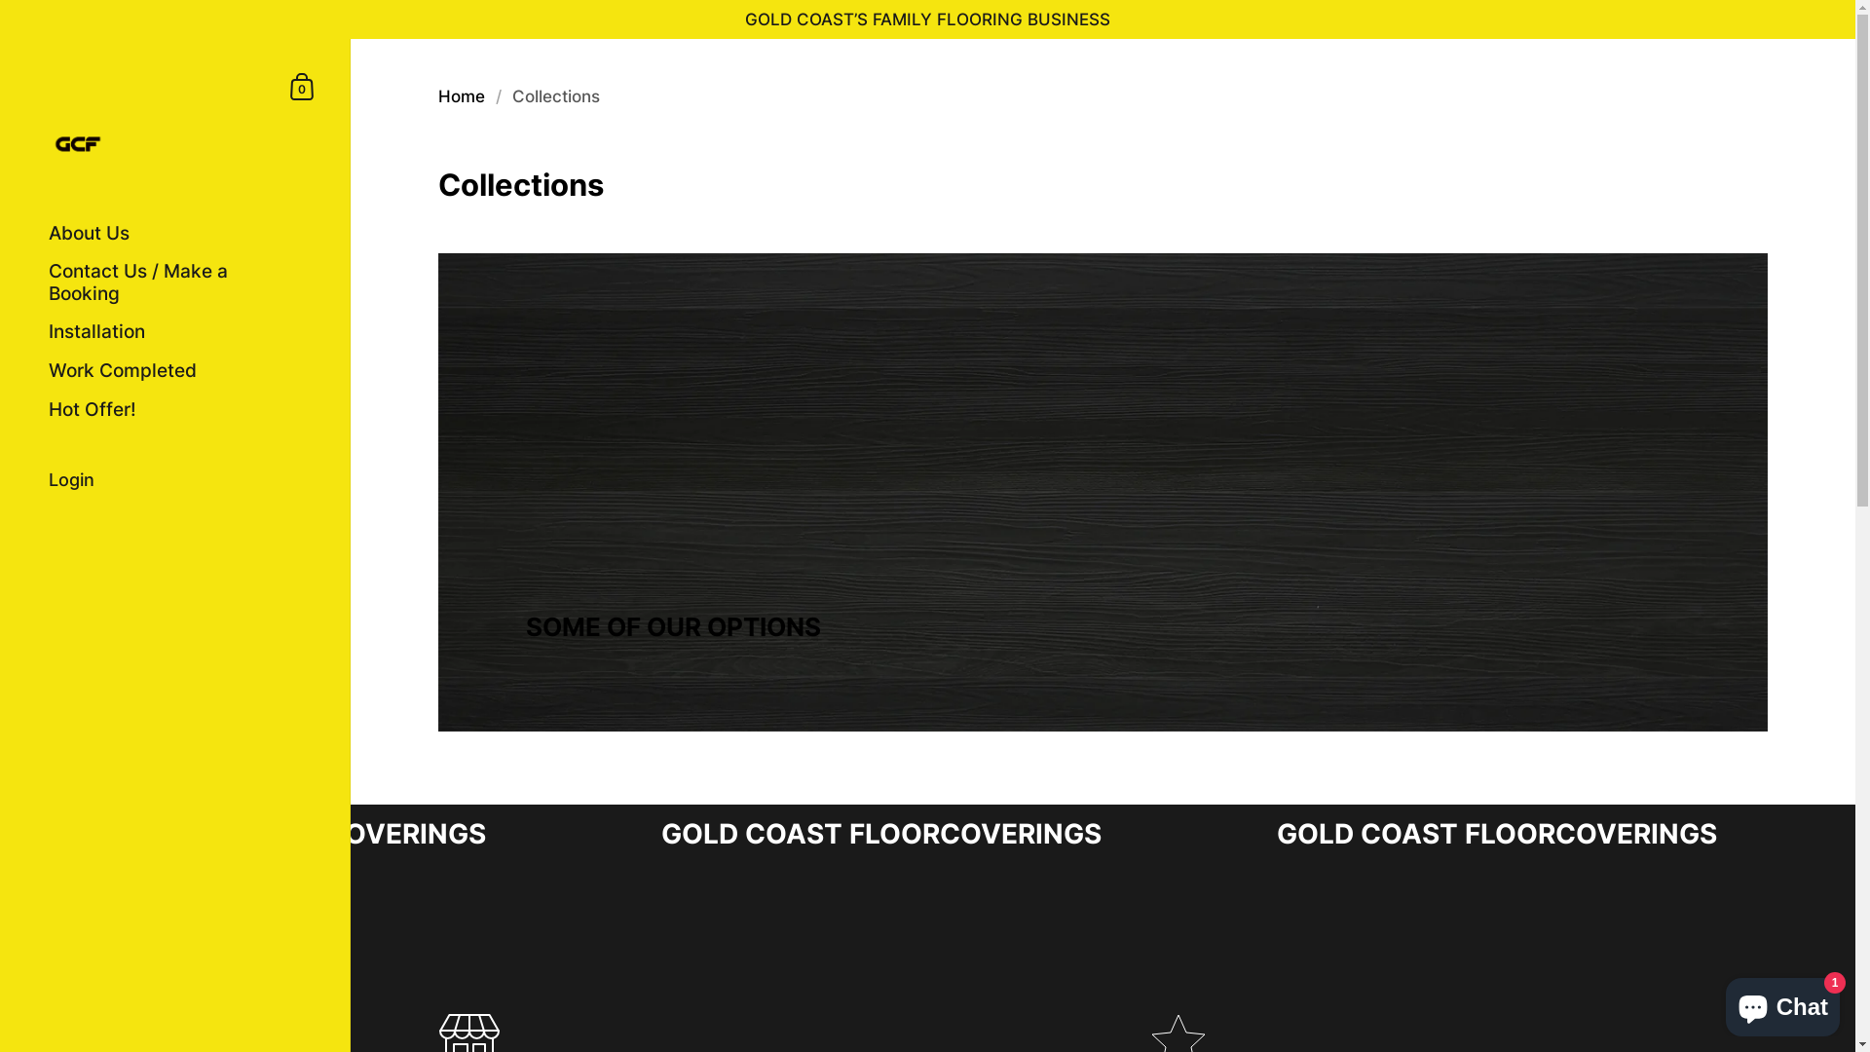  Describe the element at coordinates (1782, 1002) in the screenshot. I see `'Shopify online store chat'` at that location.